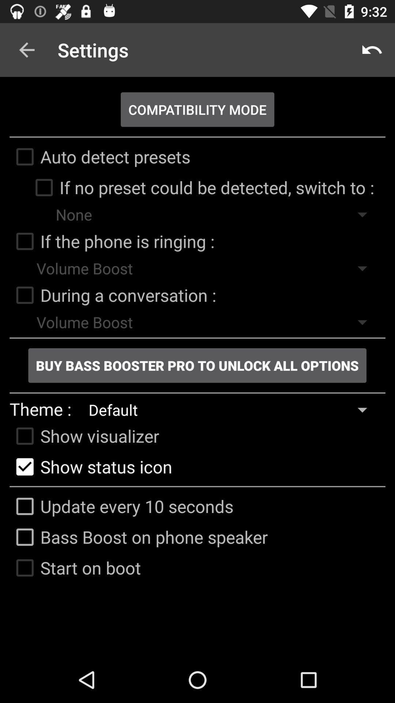 Image resolution: width=395 pixels, height=703 pixels. I want to click on app next to the settings app, so click(372, 49).